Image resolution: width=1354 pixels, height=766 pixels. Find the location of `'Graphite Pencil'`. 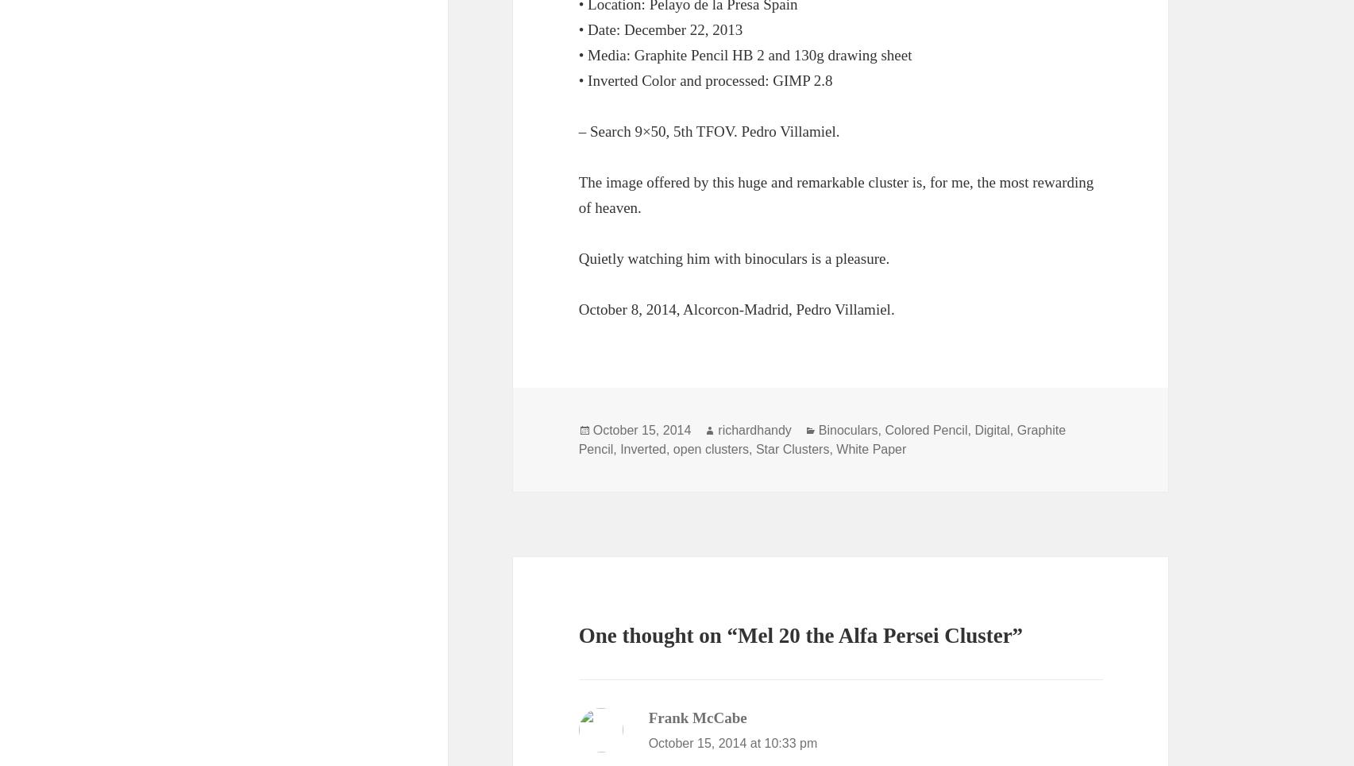

'Graphite Pencil' is located at coordinates (578, 439).